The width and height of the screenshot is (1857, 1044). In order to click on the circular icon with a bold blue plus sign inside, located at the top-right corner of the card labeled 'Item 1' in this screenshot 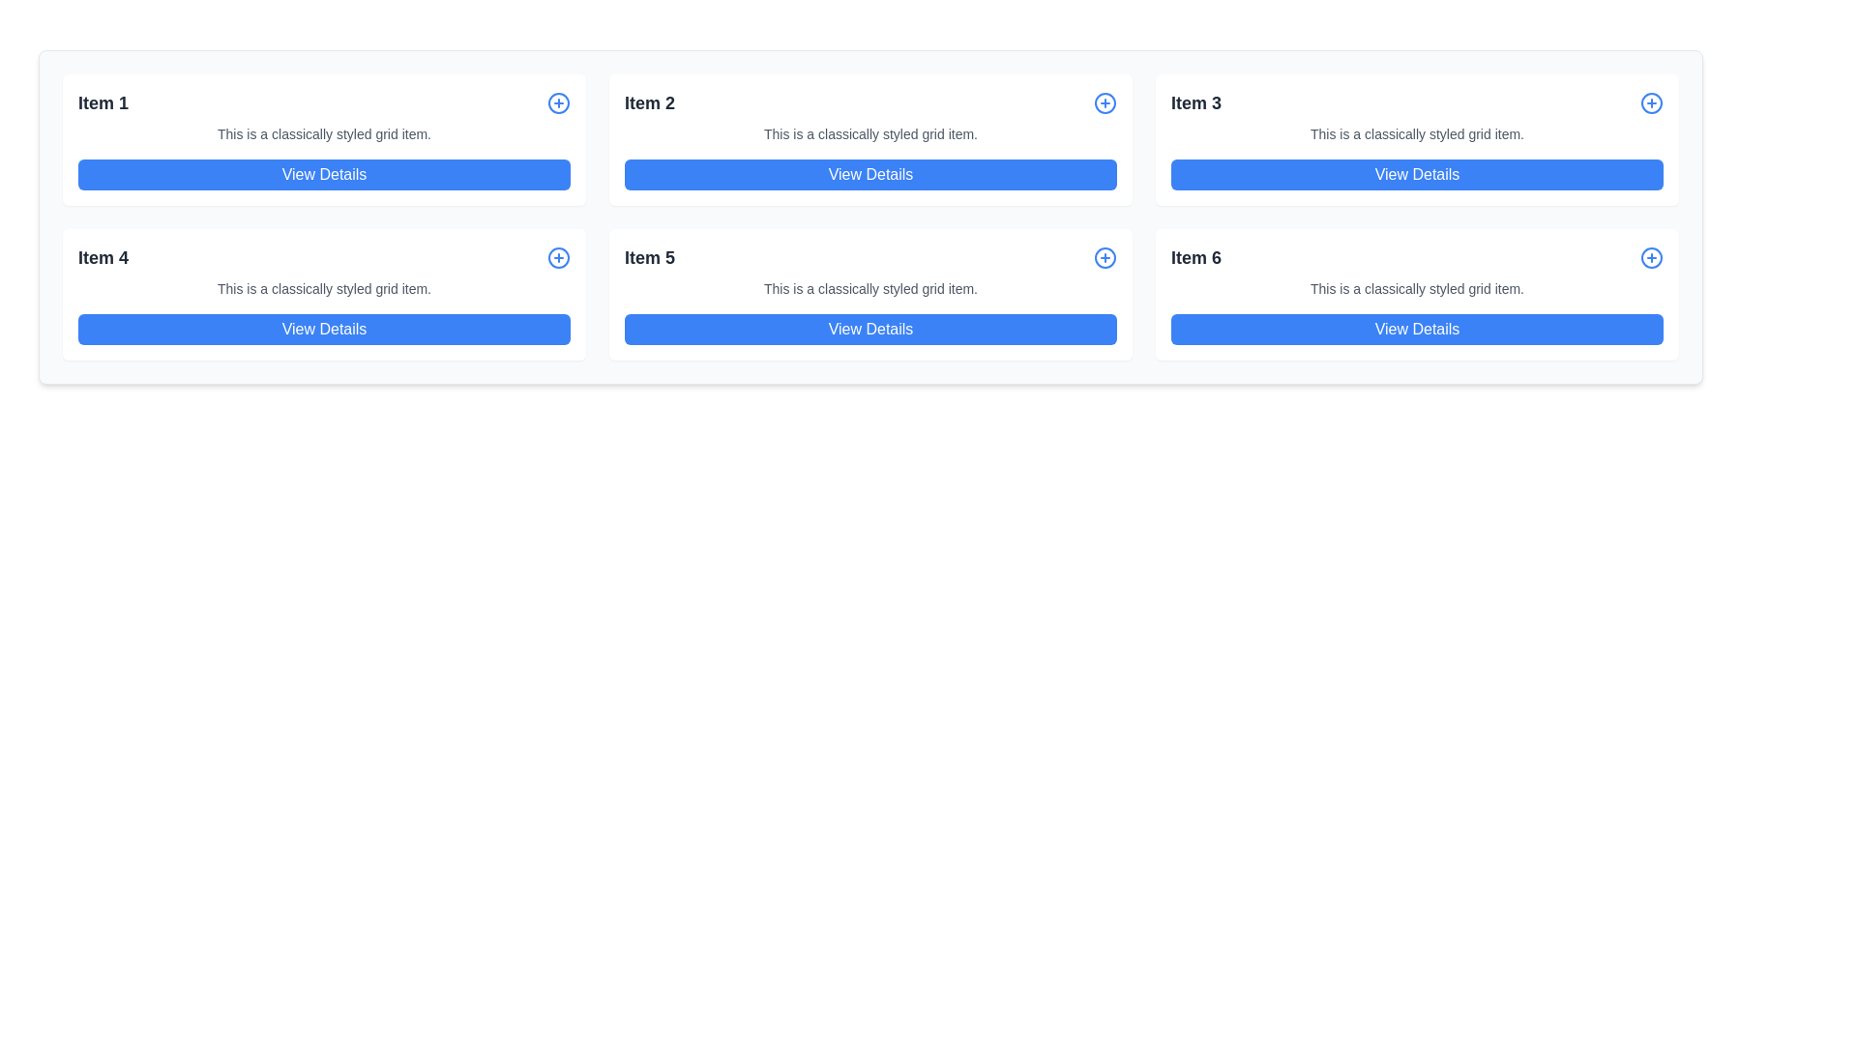, I will do `click(557, 103)`.